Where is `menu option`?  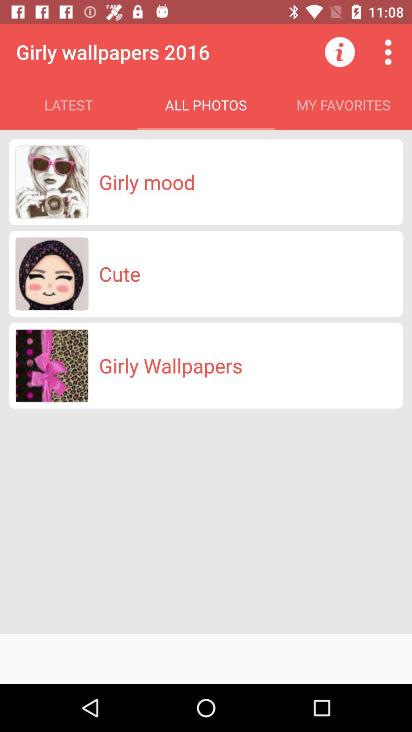 menu option is located at coordinates (388, 51).